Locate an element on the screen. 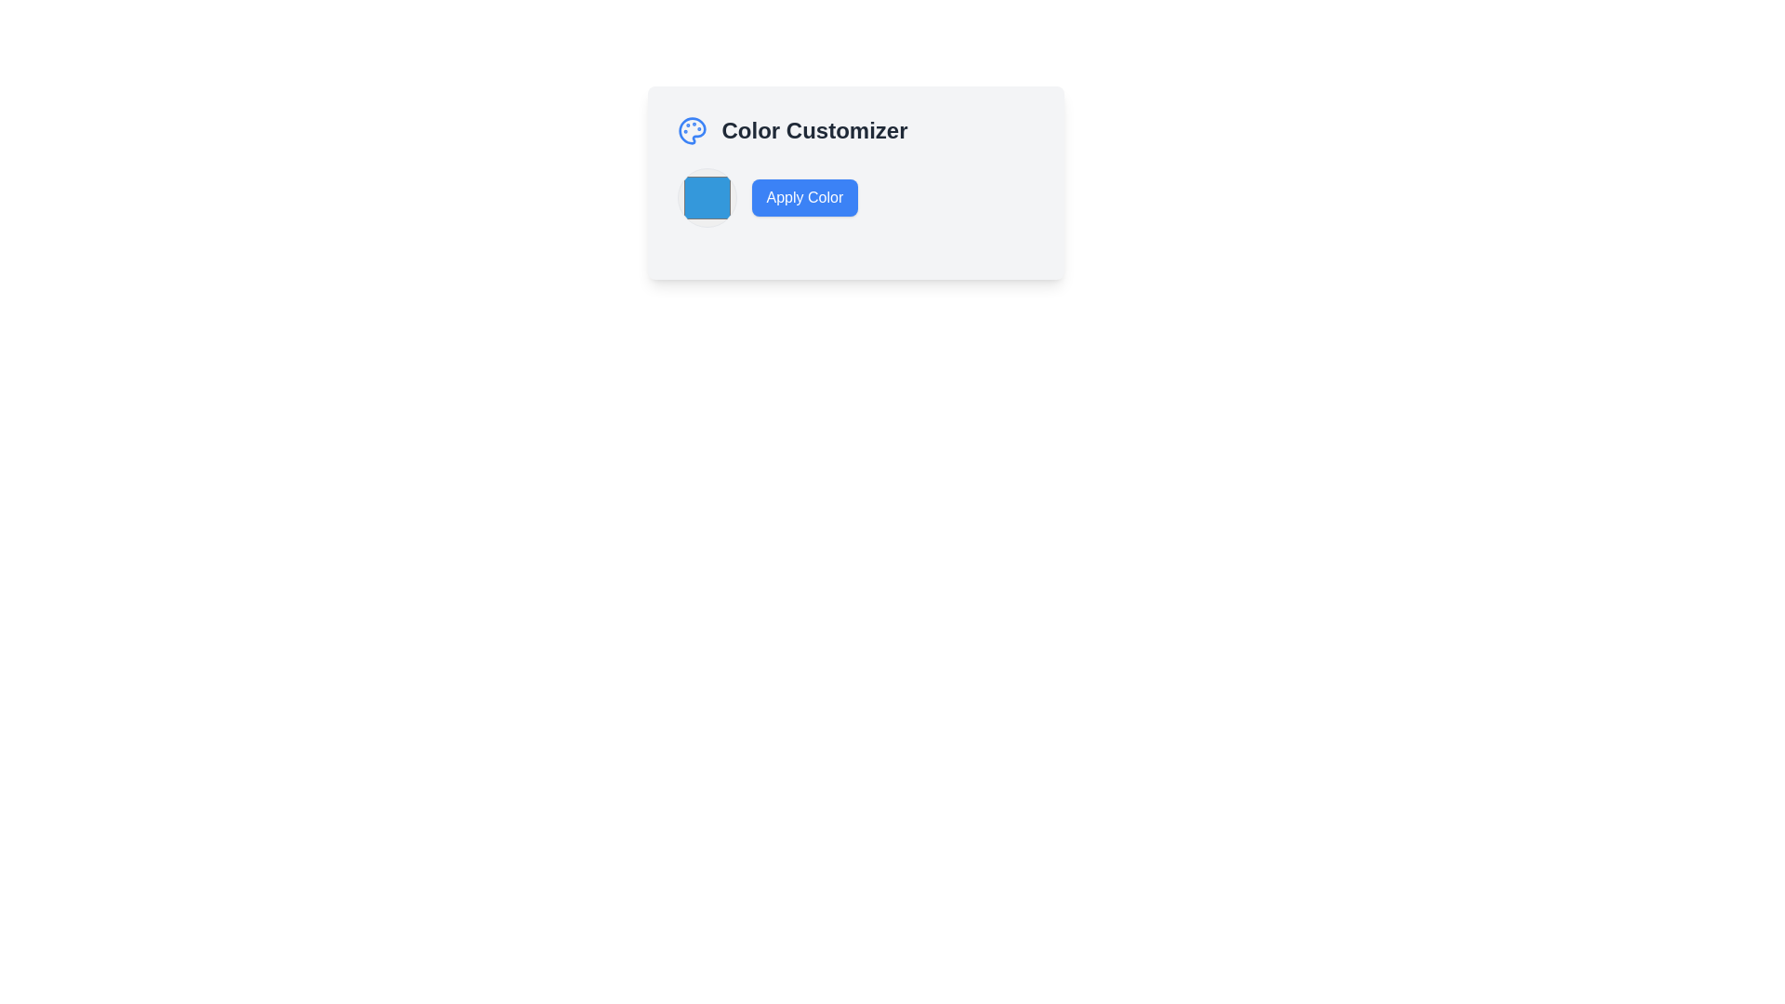 Image resolution: width=1785 pixels, height=1004 pixels. the Decorative icon shaped like a circular palette with smaller dots, located adjacent to the 'Color Customizer' label is located at coordinates (691, 130).